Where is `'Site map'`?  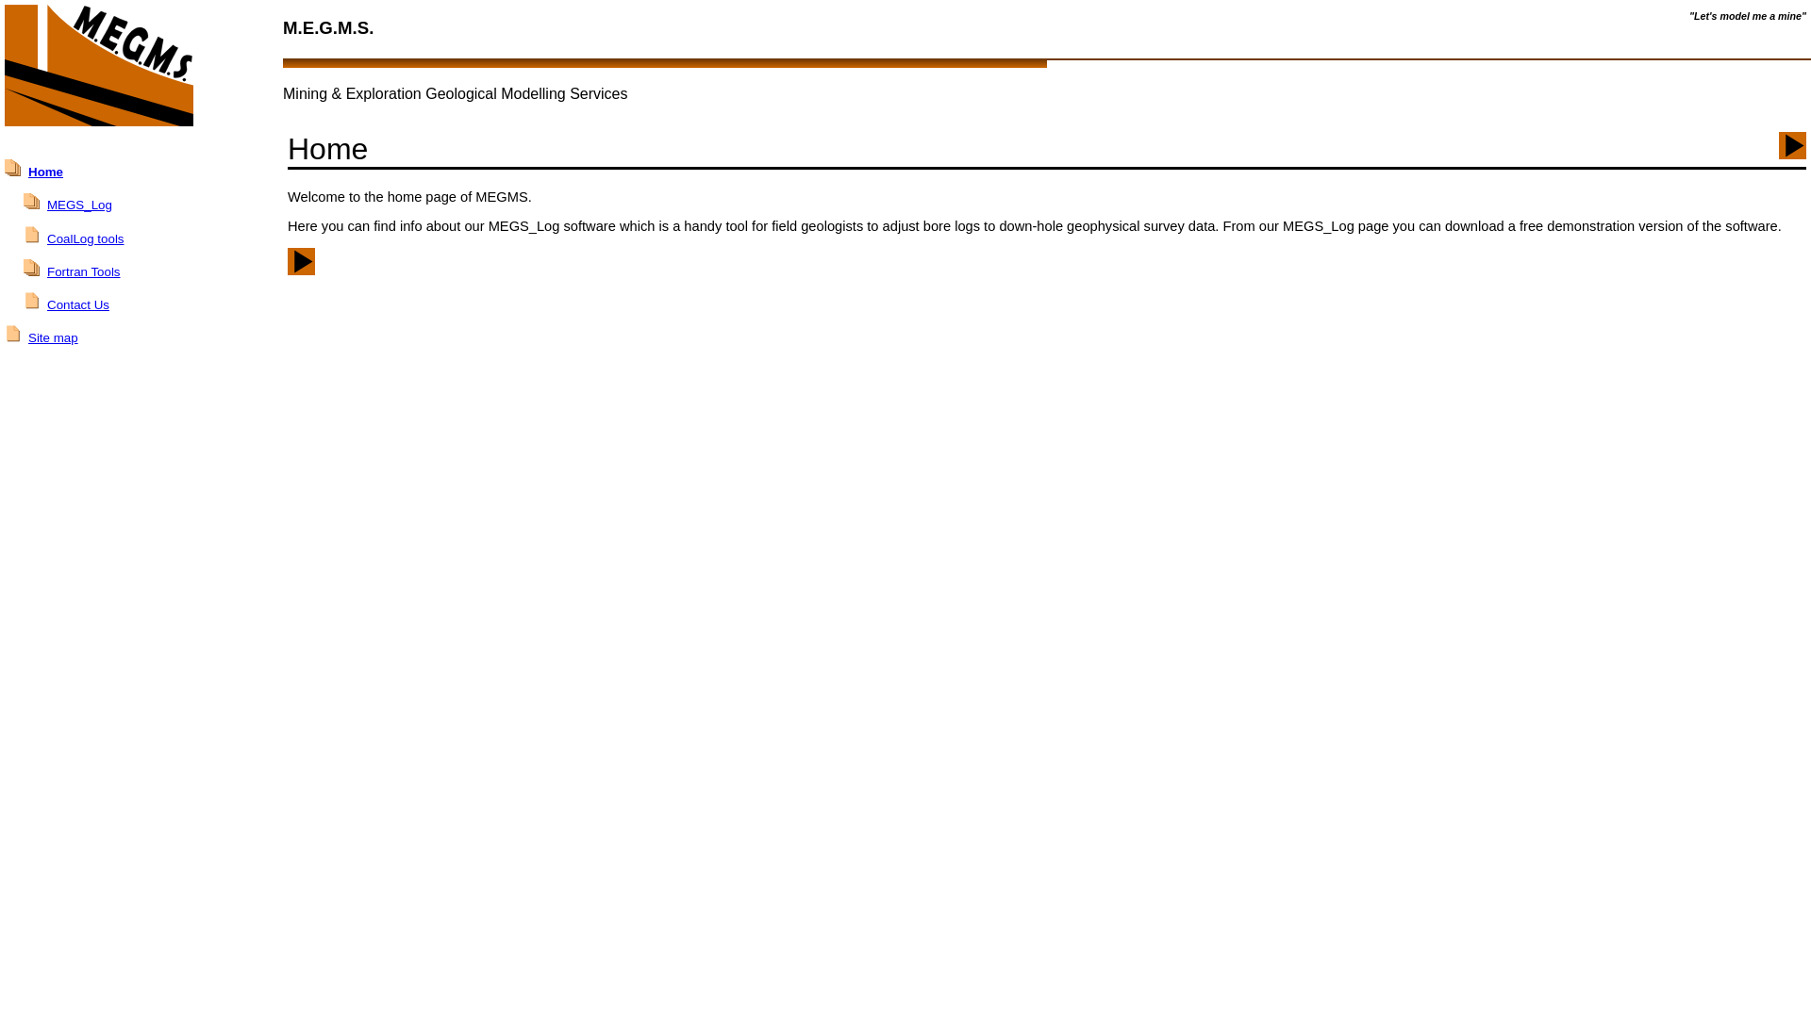 'Site map' is located at coordinates (53, 337).